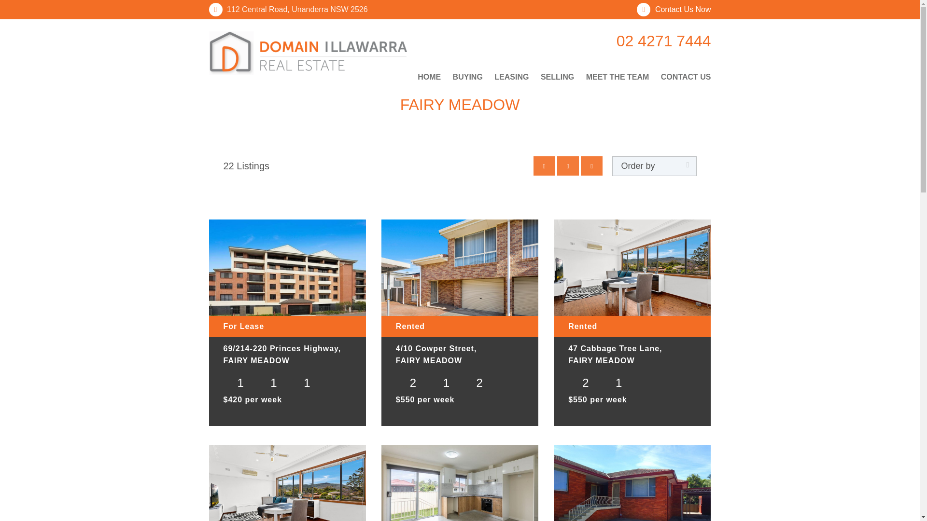 The height and width of the screenshot is (521, 927). What do you see at coordinates (673, 9) in the screenshot?
I see `'Contact Us Now'` at bounding box center [673, 9].